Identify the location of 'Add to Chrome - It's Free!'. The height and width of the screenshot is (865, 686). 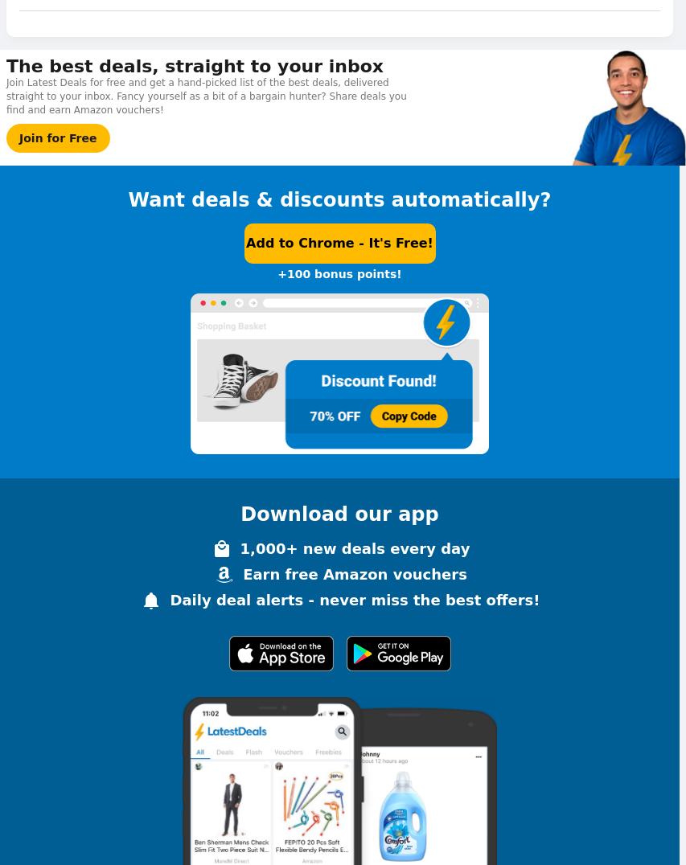
(338, 242).